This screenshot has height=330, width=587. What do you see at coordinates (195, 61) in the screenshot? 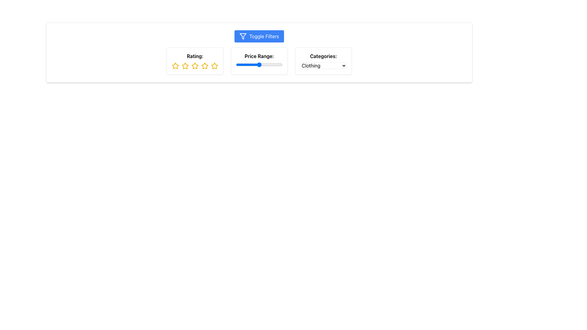
I see `one of the yellow outlined stars in the interactive rating widget` at bounding box center [195, 61].